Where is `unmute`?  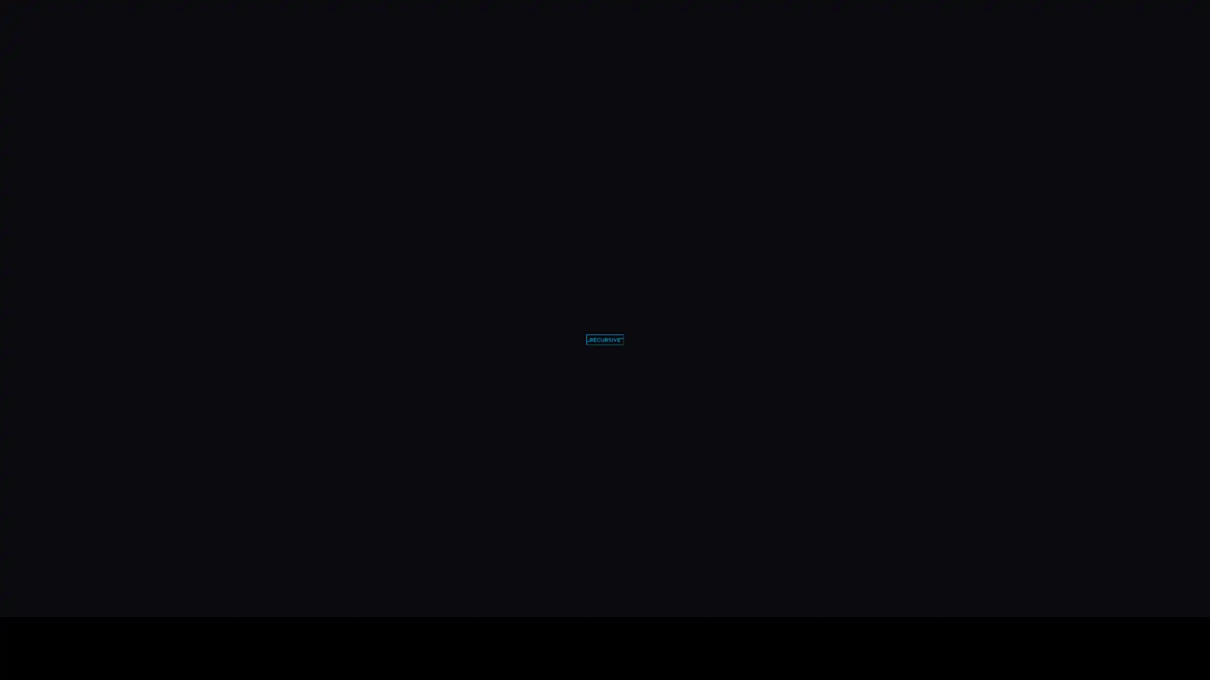 unmute is located at coordinates (1098, 644).